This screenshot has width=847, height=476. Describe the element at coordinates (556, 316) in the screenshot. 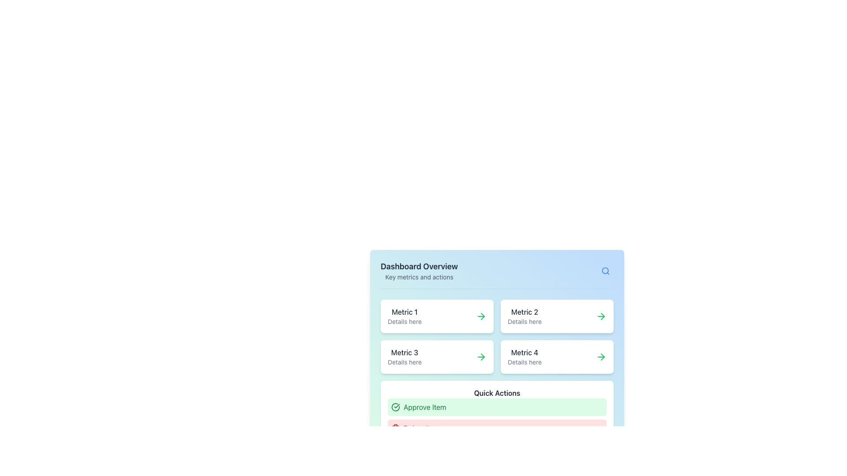

I see `the Informational Card labeled 'Metric 2'` at that location.